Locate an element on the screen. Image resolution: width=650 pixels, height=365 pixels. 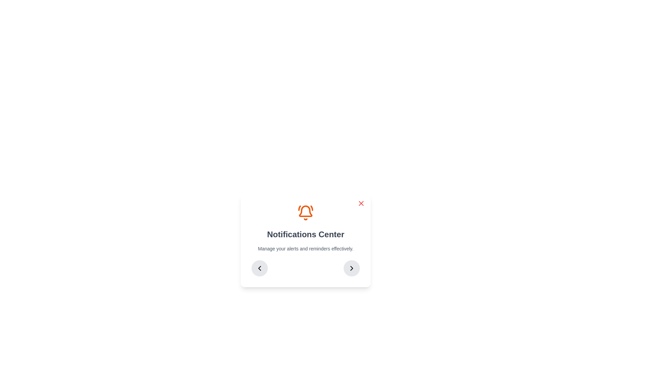
the circular button with a left-pointing chevron icon located at the bottom-left corner of the Notifications Center card to change its background color is located at coordinates (259, 268).